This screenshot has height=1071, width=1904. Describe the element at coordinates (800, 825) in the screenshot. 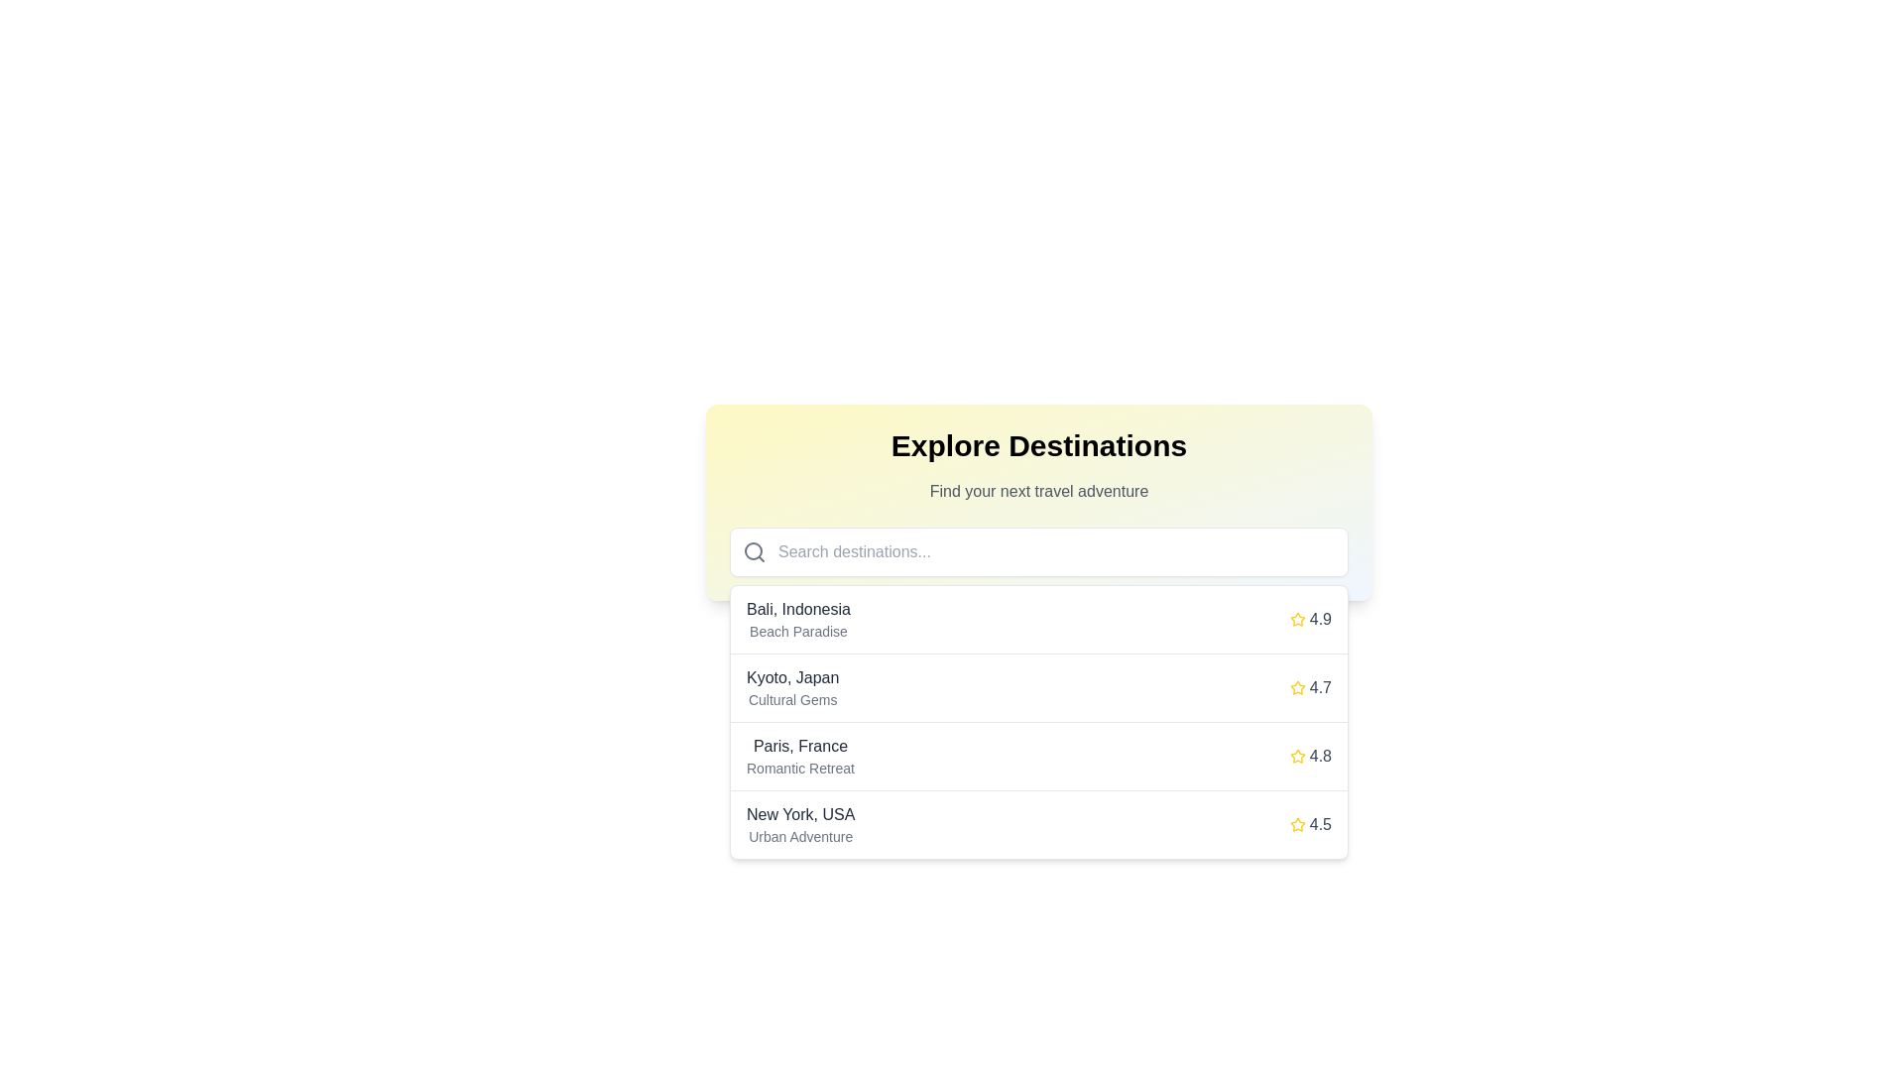

I see `the text block that provides information about a travel destination, positioned as the fourth item in a vertical list, located between 'Paris, France' and a rating icon` at that location.